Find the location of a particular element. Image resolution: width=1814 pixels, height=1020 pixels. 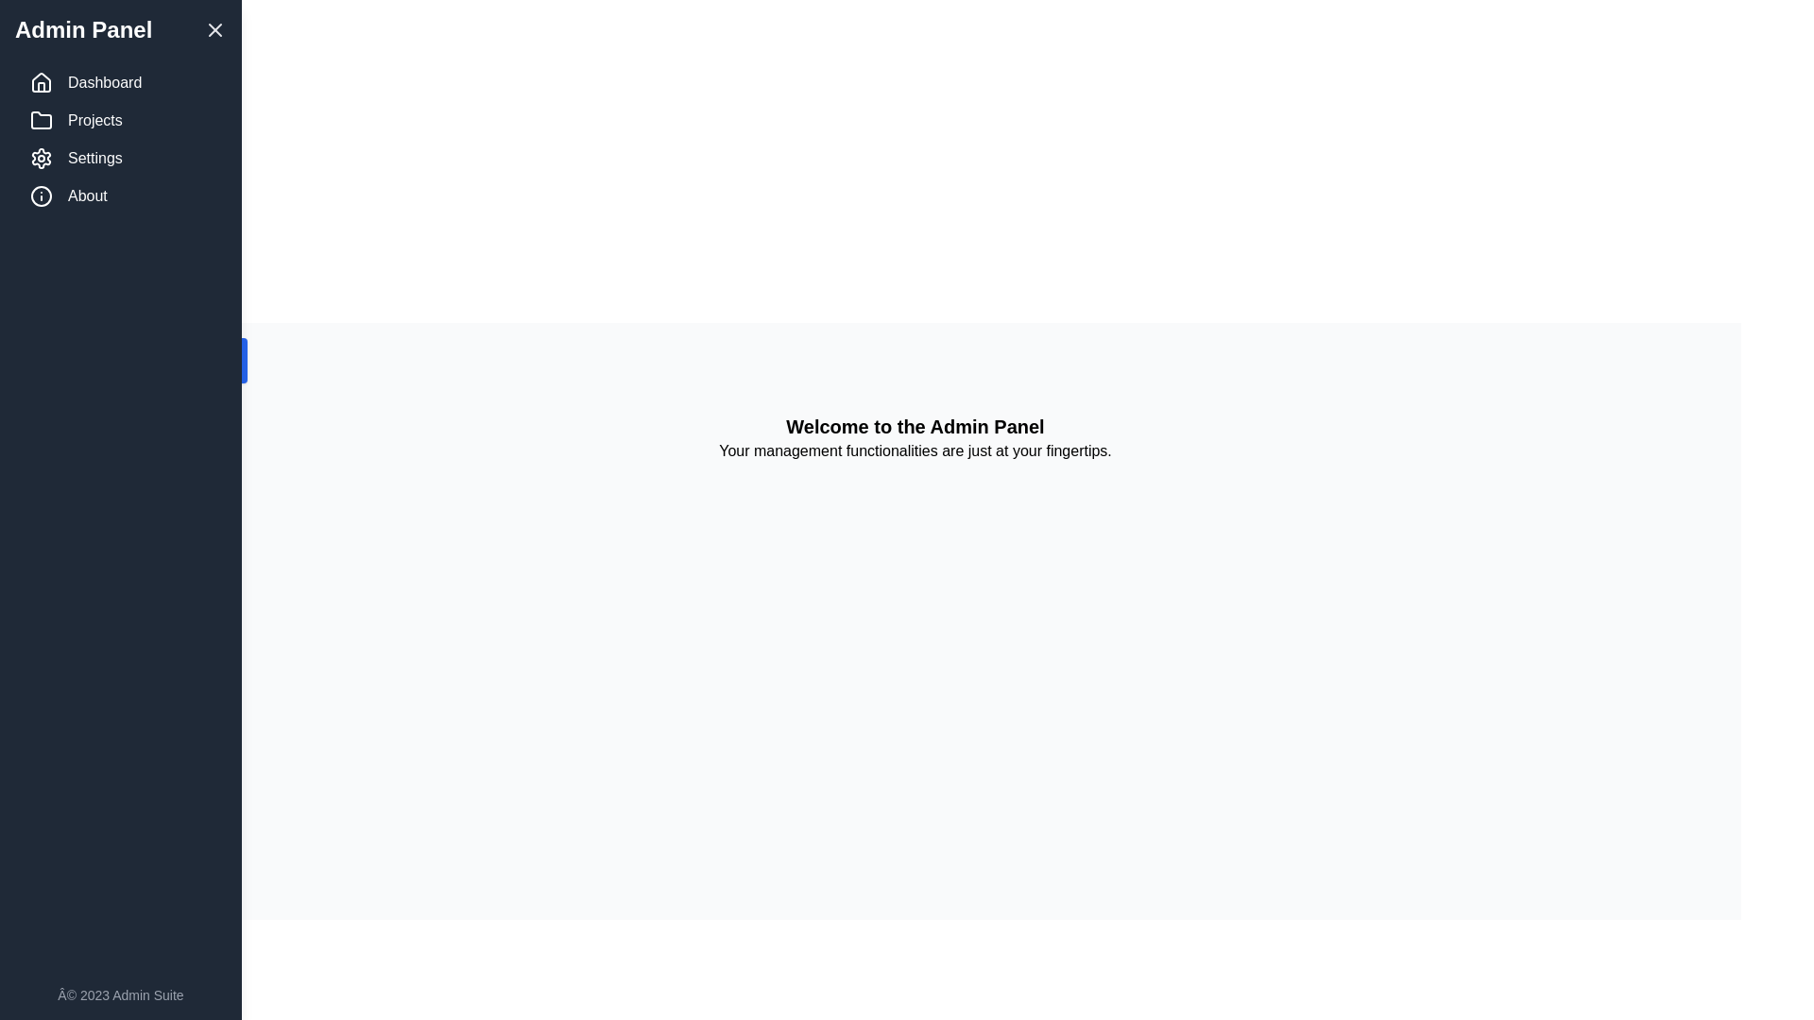

the 'Settings' navigation link, which features a cogwheel icon on the left and is the third item in the sidebar navigation menu is located at coordinates (120, 158).